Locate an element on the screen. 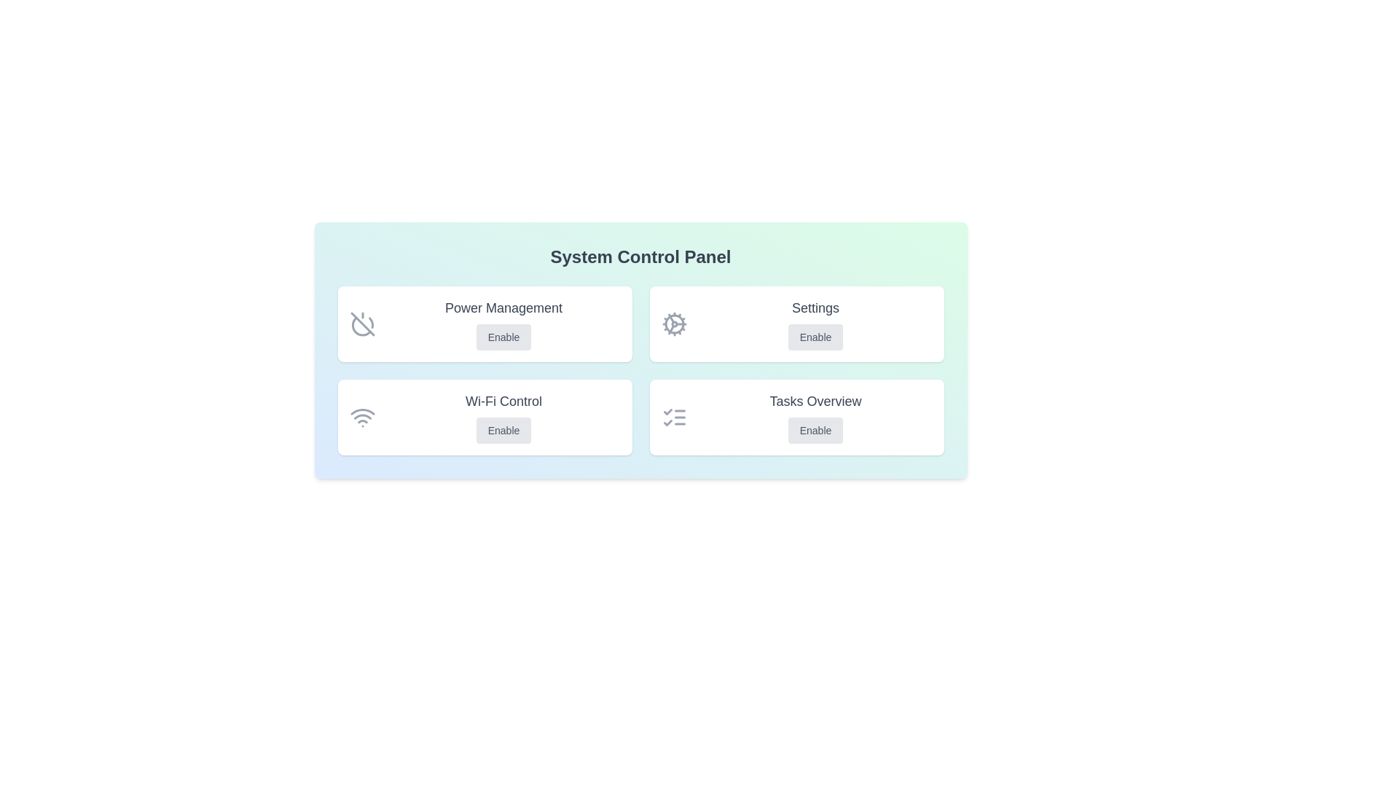 The height and width of the screenshot is (787, 1399). the Wi-Fi connectivity icon located in the 'Wi-Fi Control' panel, positioned to the left of the 'Wi-Fi Control' text and above the 'Enable' button is located at coordinates (362, 418).